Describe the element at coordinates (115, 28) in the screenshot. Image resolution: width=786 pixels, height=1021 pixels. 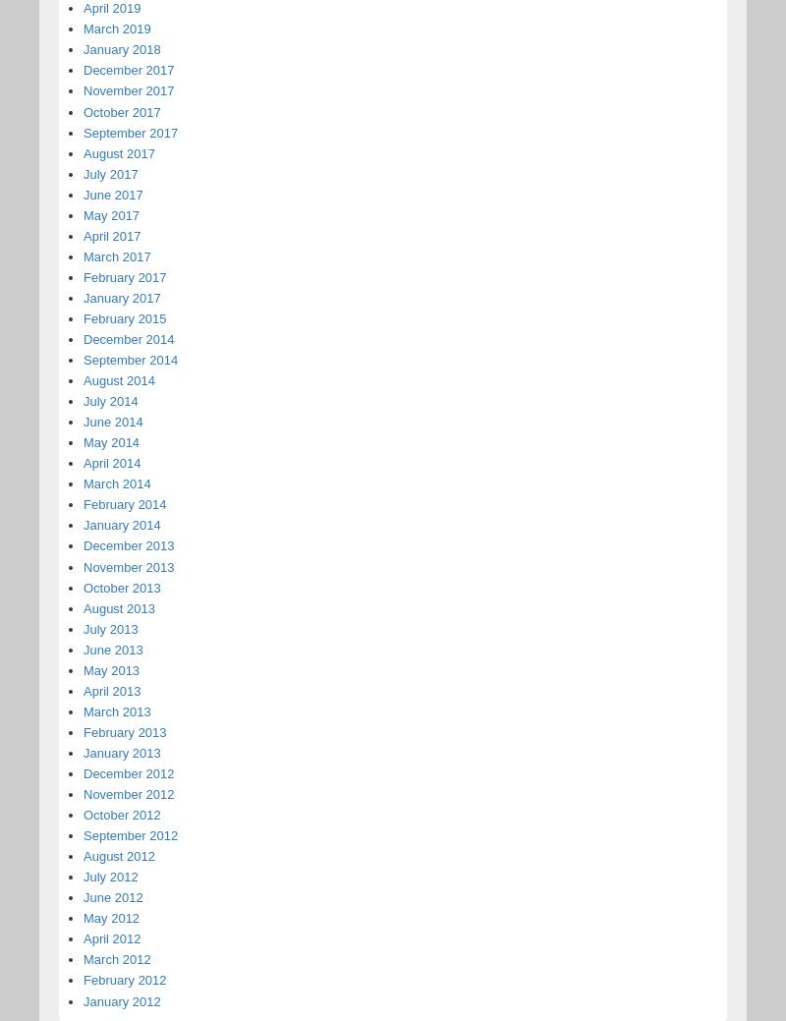
I see `'March 2019'` at that location.